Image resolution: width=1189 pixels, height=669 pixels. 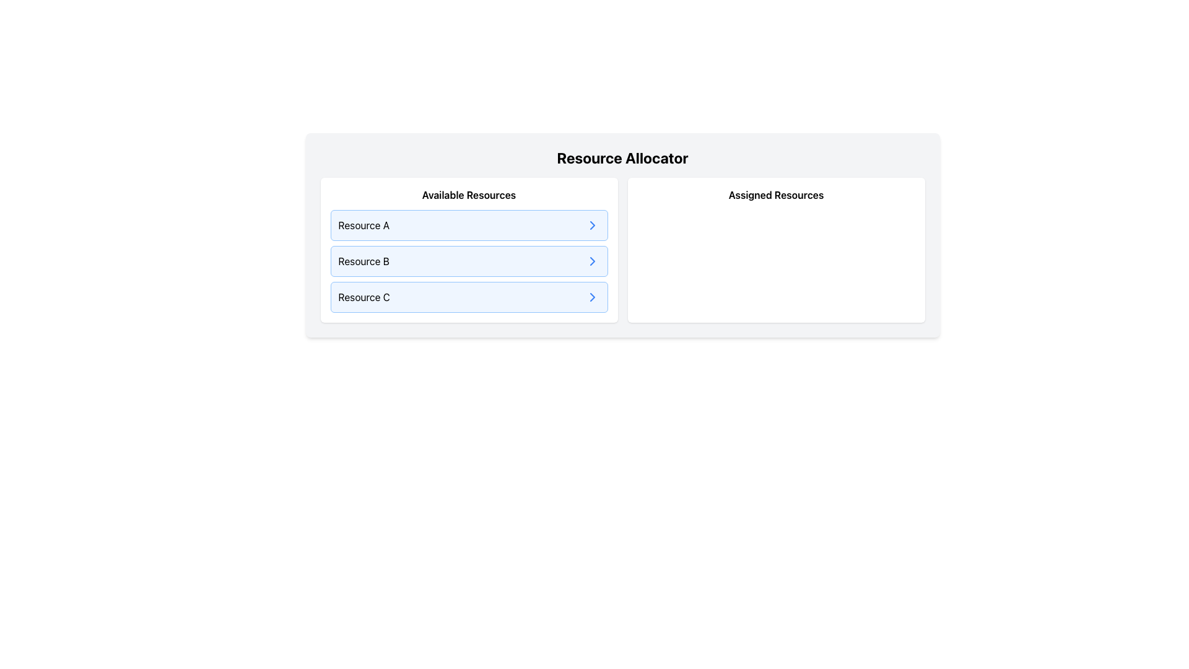 What do you see at coordinates (468, 260) in the screenshot?
I see `the button labeled 'Resource B' in the 'Available Resources' section` at bounding box center [468, 260].